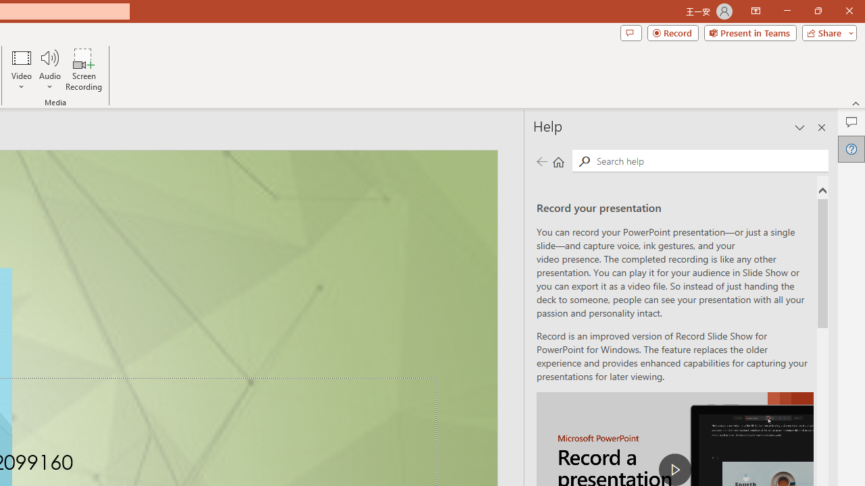 The height and width of the screenshot is (486, 865). What do you see at coordinates (848, 11) in the screenshot?
I see `'Close'` at bounding box center [848, 11].